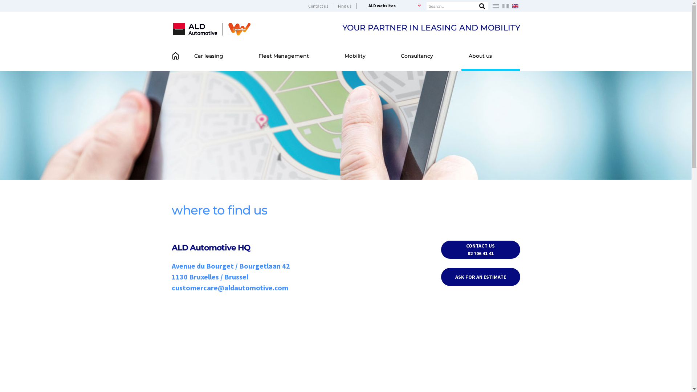 This screenshot has width=697, height=392. What do you see at coordinates (427, 56) in the screenshot?
I see `'Consultancy'` at bounding box center [427, 56].